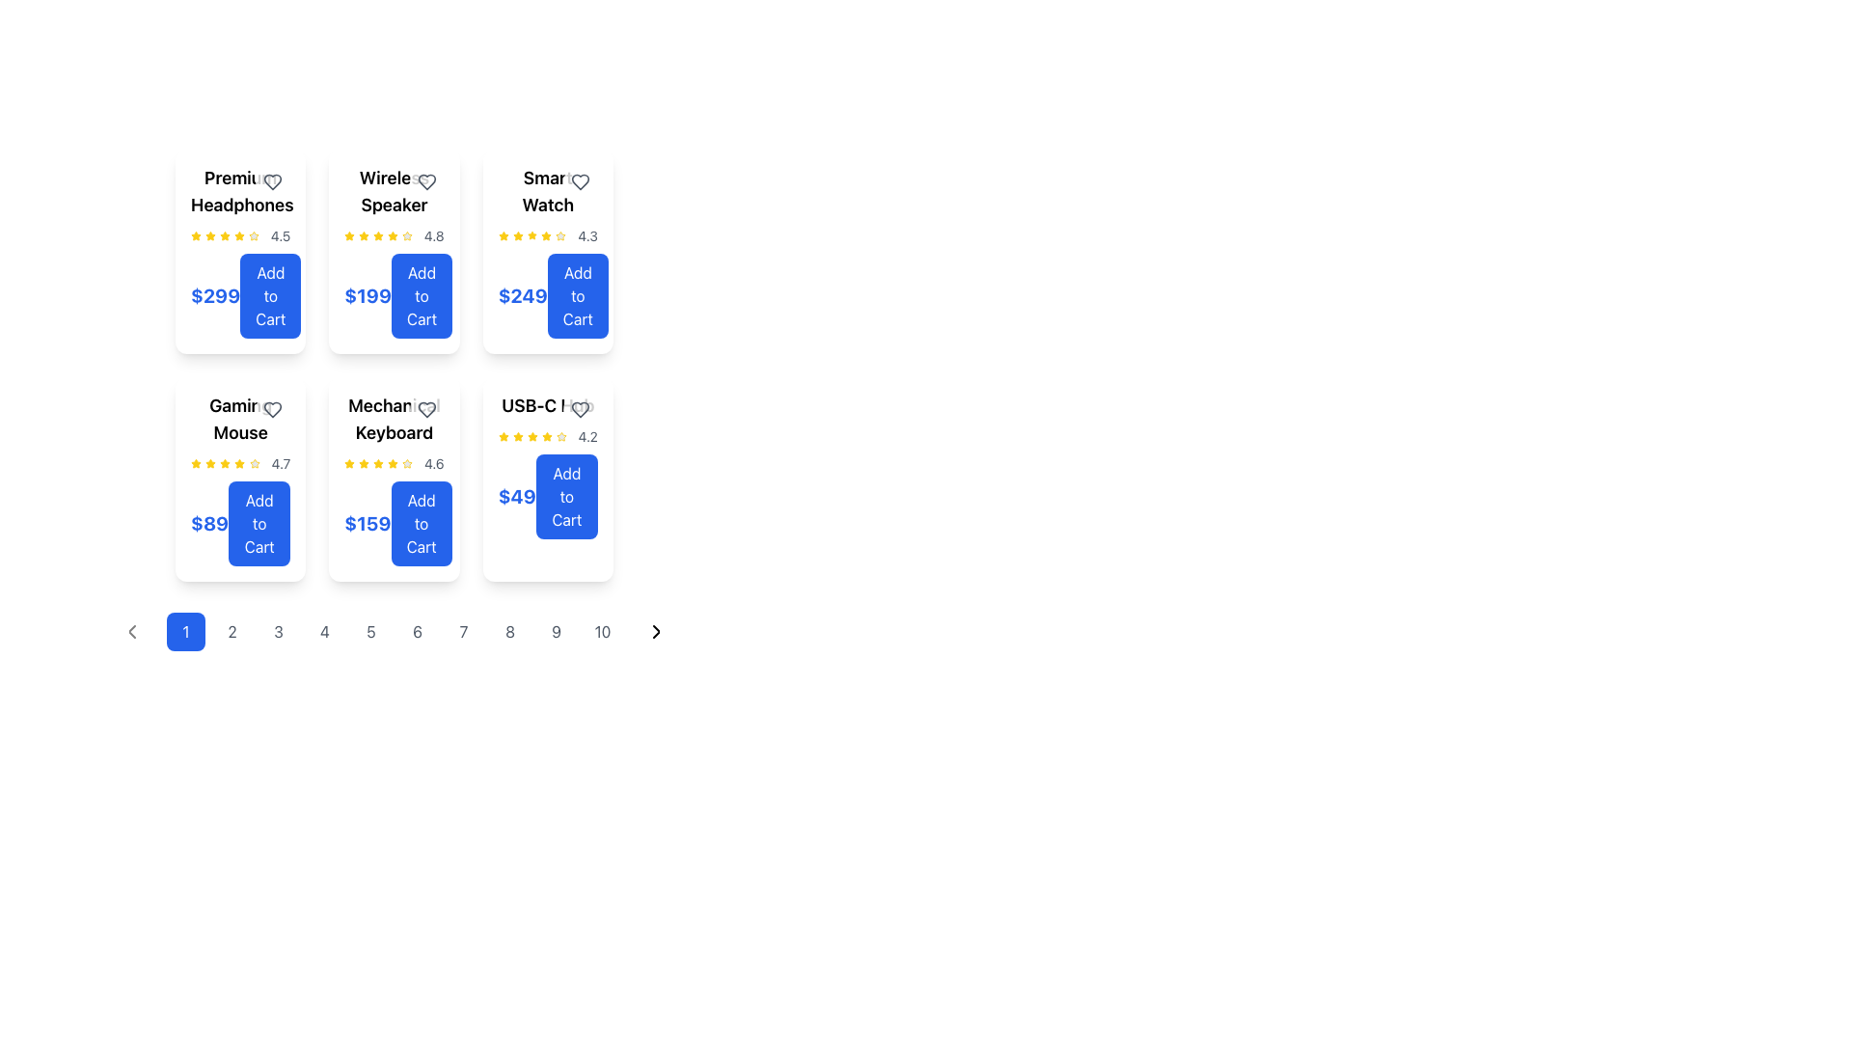 This screenshot has width=1852, height=1042. What do you see at coordinates (406, 464) in the screenshot?
I see `the 5th gray star icon with faint yellow fill in the rating system below the product title 'Mechanical Keyboard'` at bounding box center [406, 464].